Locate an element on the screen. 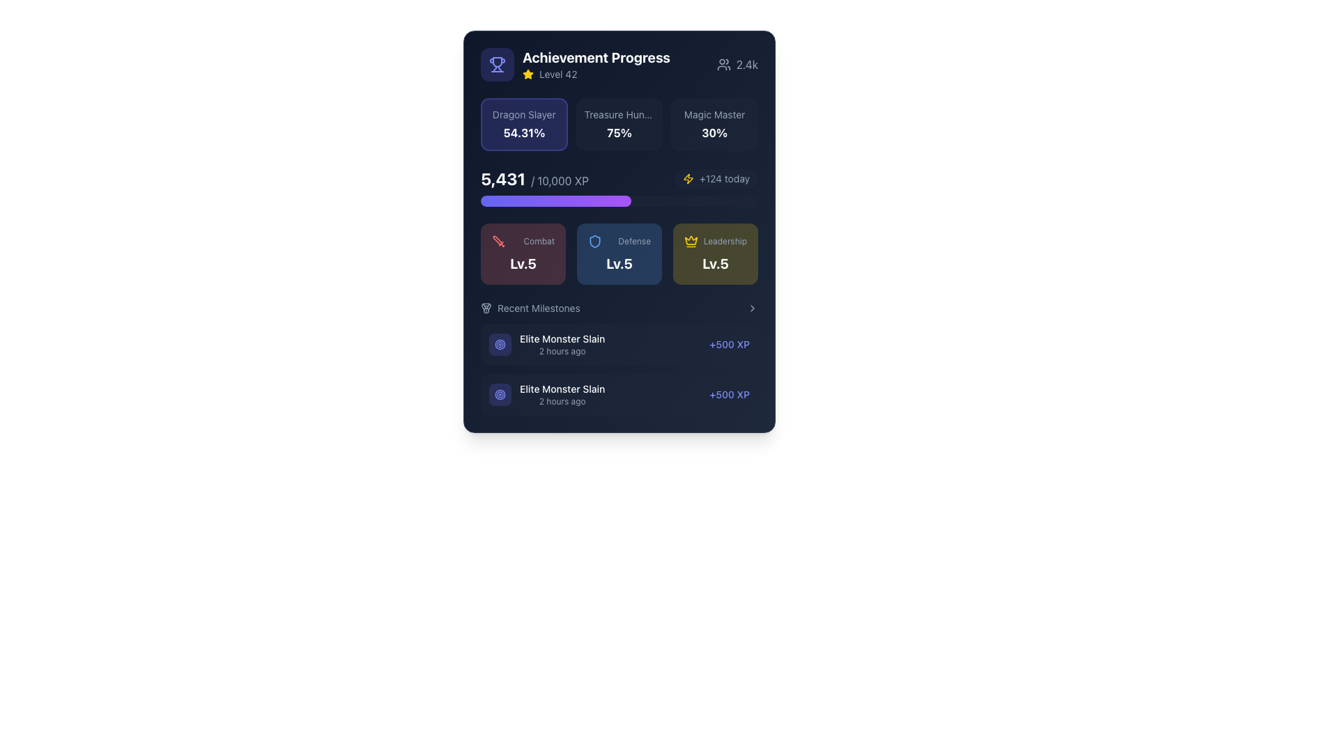  the decorative icon representing the 'Combat' section, which is part of the 'Combat' card displayed in a series of three cards is located at coordinates (498, 241).